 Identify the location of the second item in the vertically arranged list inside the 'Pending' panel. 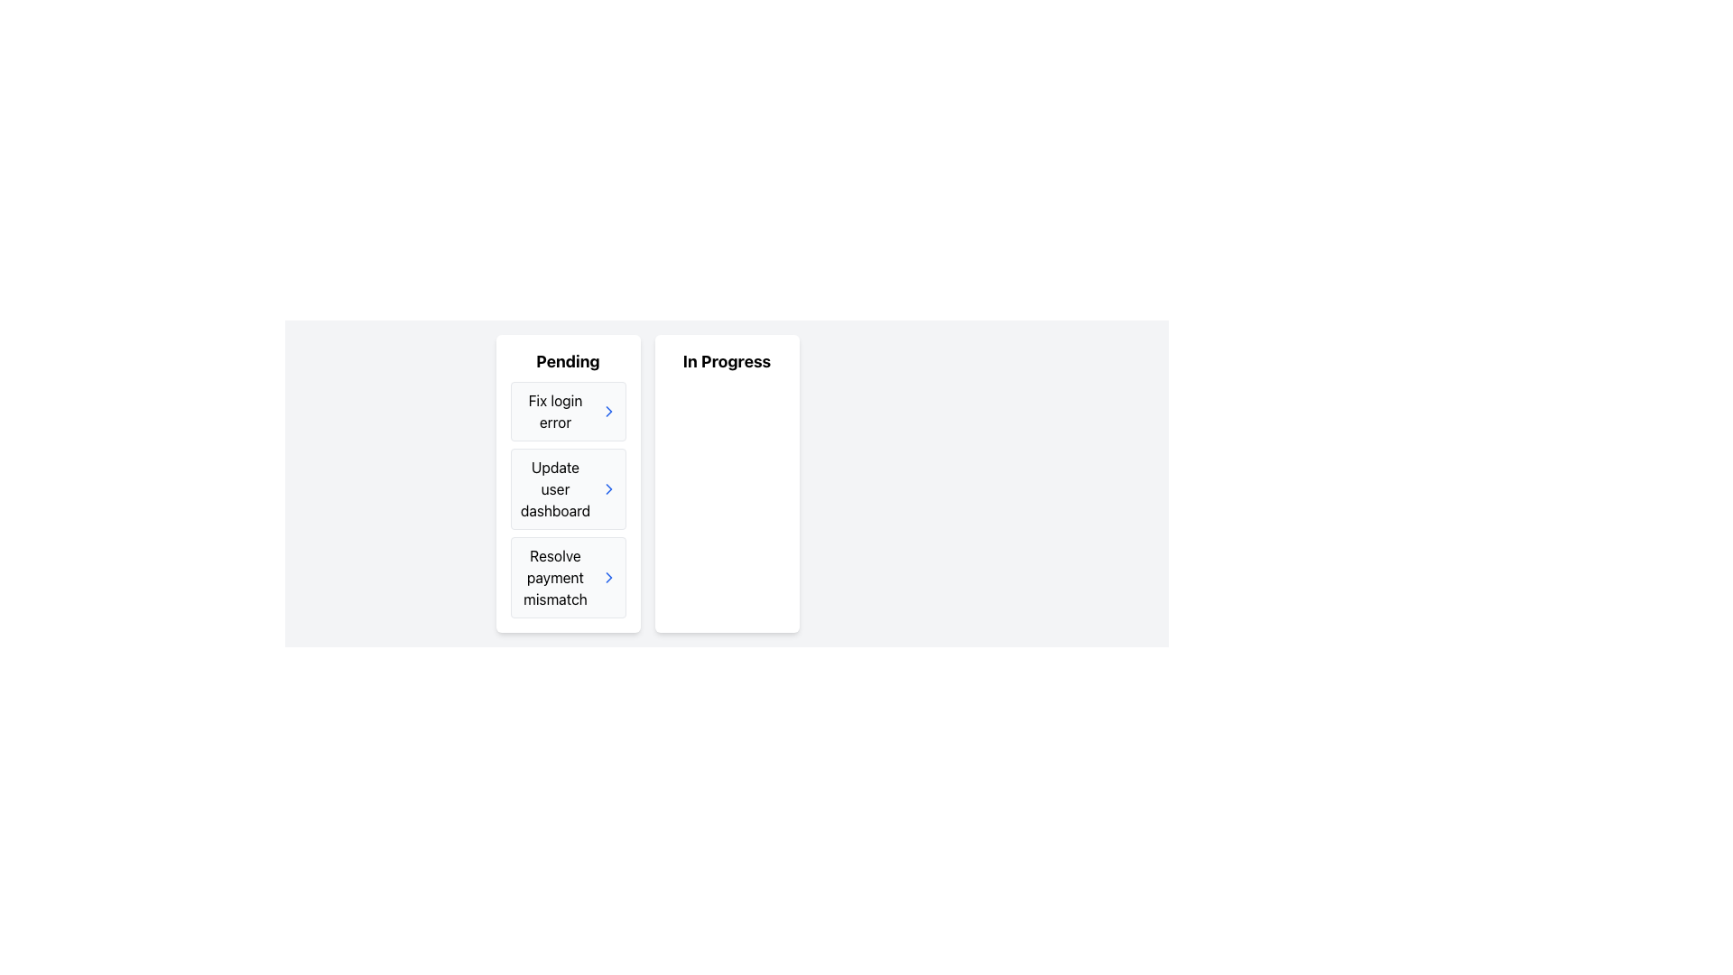
(567, 489).